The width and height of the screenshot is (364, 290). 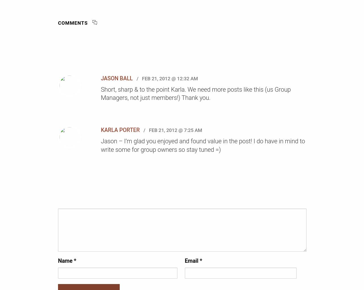 I want to click on 'Short, sharp & to the point Karla. We need more posts like this (us Group Managers, not just members!) Thank you.', so click(x=101, y=93).